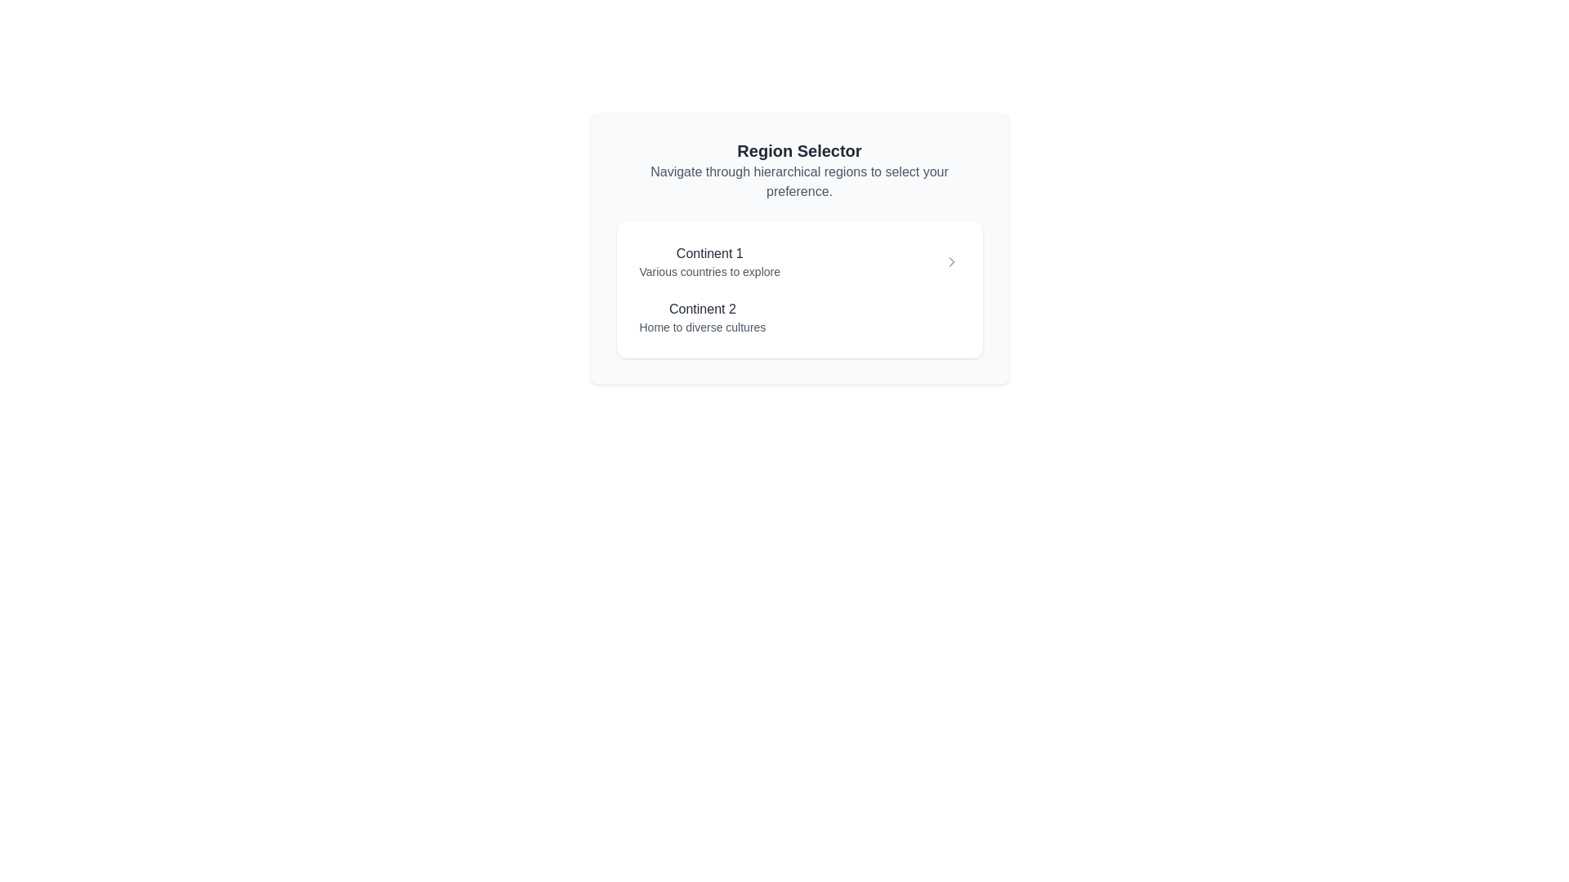  Describe the element at coordinates (702, 309) in the screenshot. I see `the bold text label displaying 'Continent 2' in dark gray font to trigger associated tooltips or styles` at that location.